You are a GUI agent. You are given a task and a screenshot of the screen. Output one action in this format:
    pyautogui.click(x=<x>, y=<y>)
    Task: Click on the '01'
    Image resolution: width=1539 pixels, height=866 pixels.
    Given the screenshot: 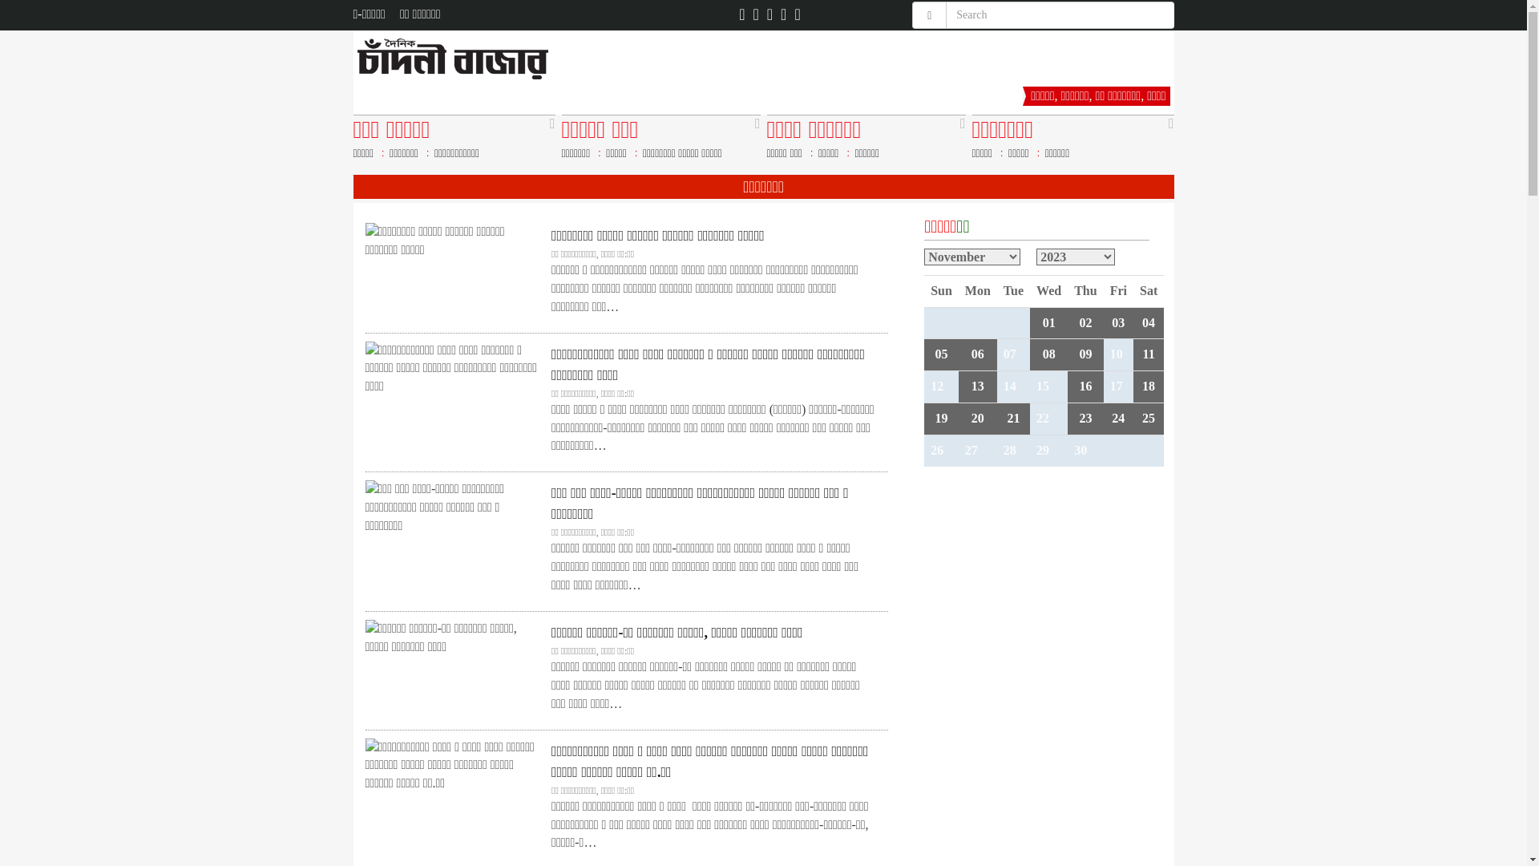 What is the action you would take?
    pyautogui.click(x=1049, y=322)
    